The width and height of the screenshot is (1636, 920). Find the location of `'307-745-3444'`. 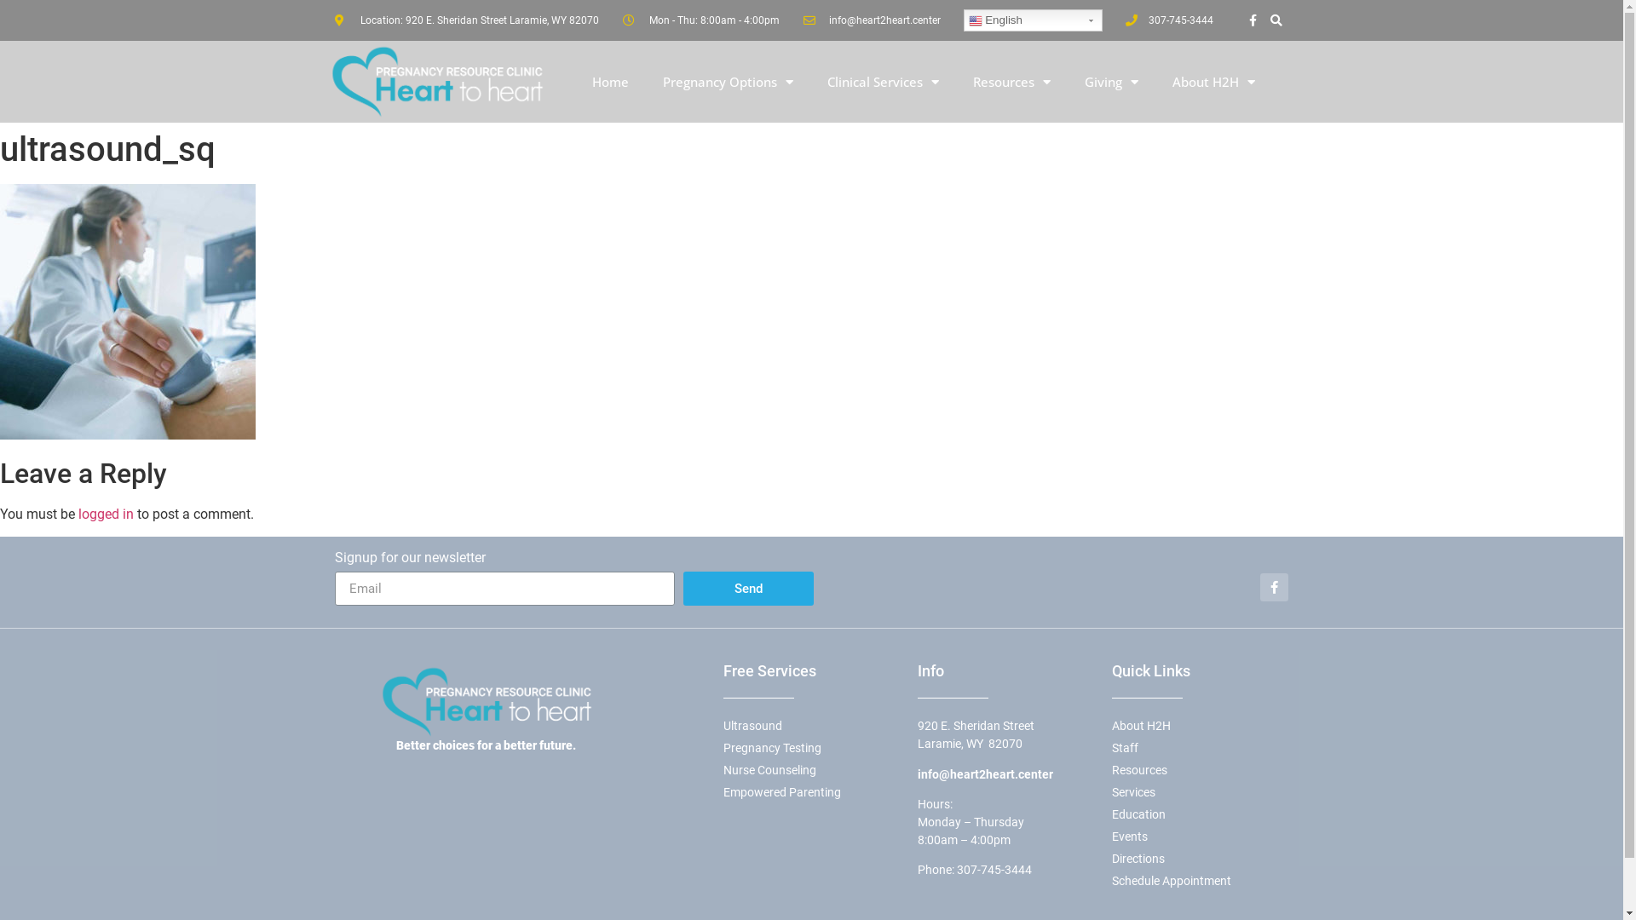

'307-745-3444' is located at coordinates (994, 870).